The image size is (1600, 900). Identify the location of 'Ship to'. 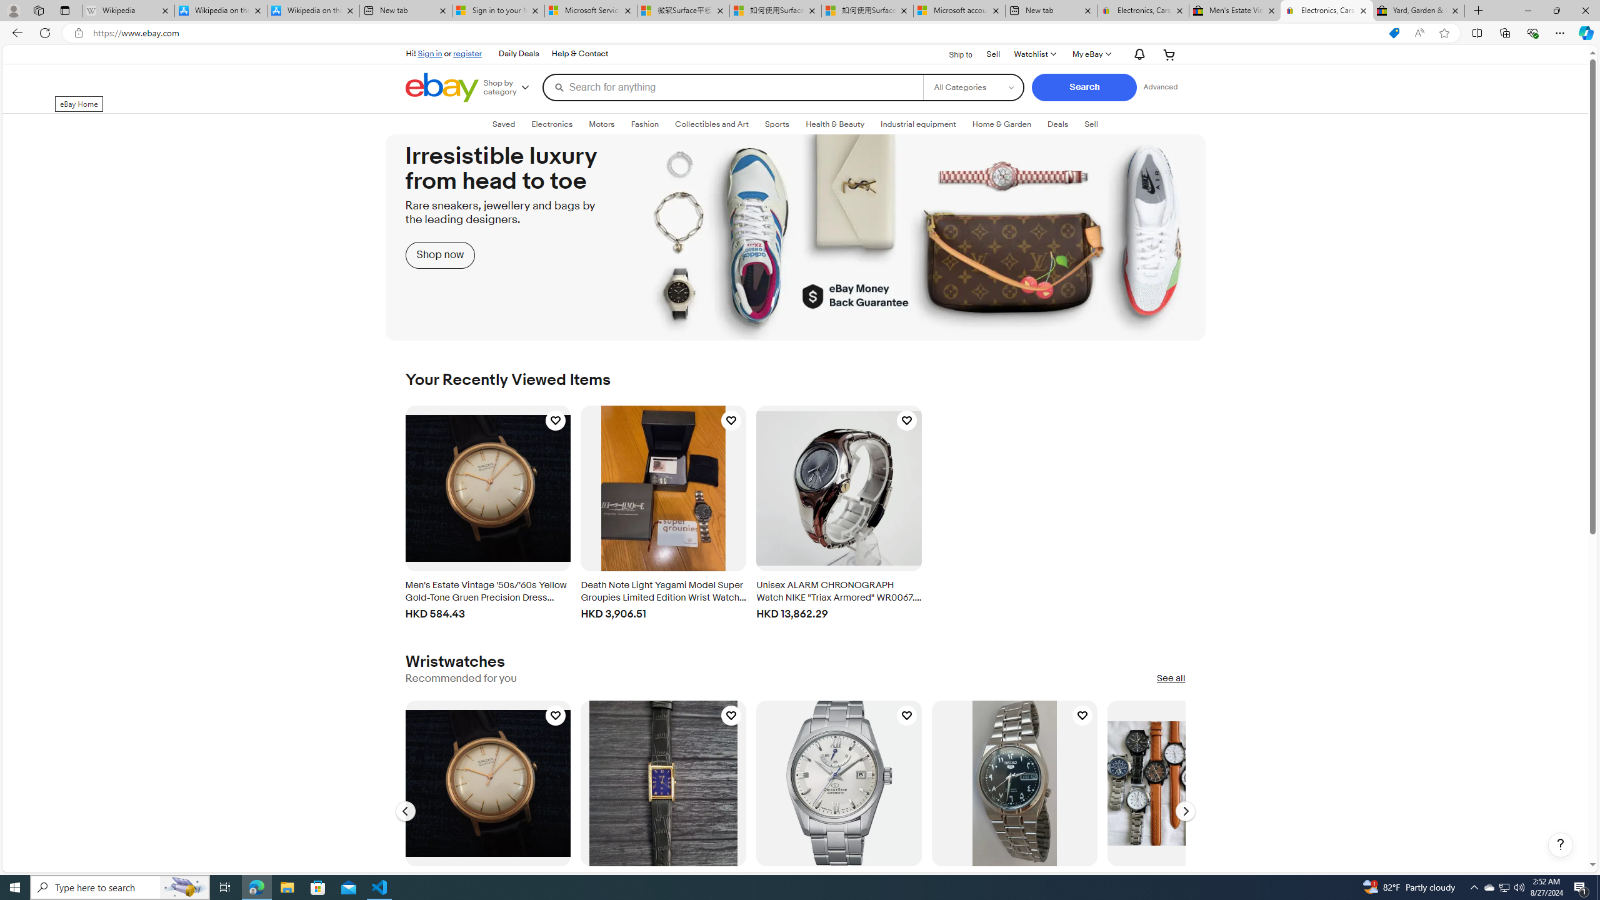
(952, 54).